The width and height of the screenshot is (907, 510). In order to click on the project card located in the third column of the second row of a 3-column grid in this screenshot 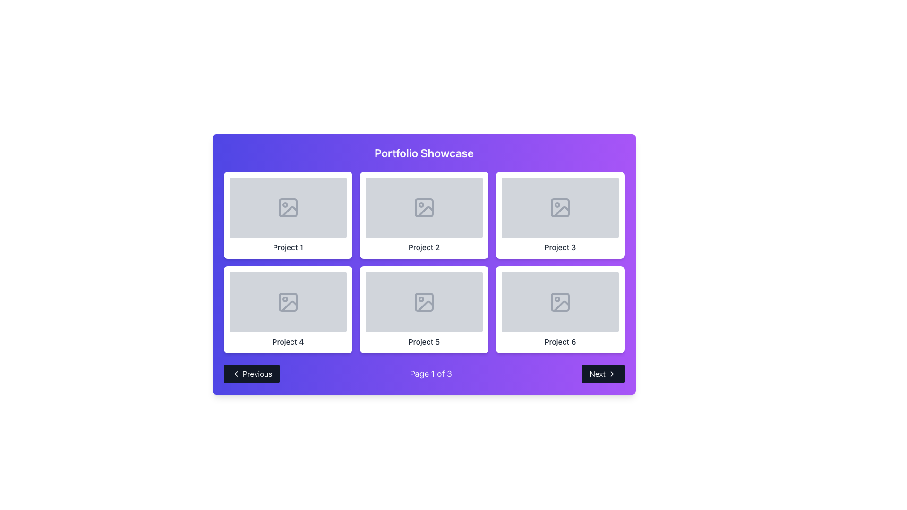, I will do `click(560, 309)`.